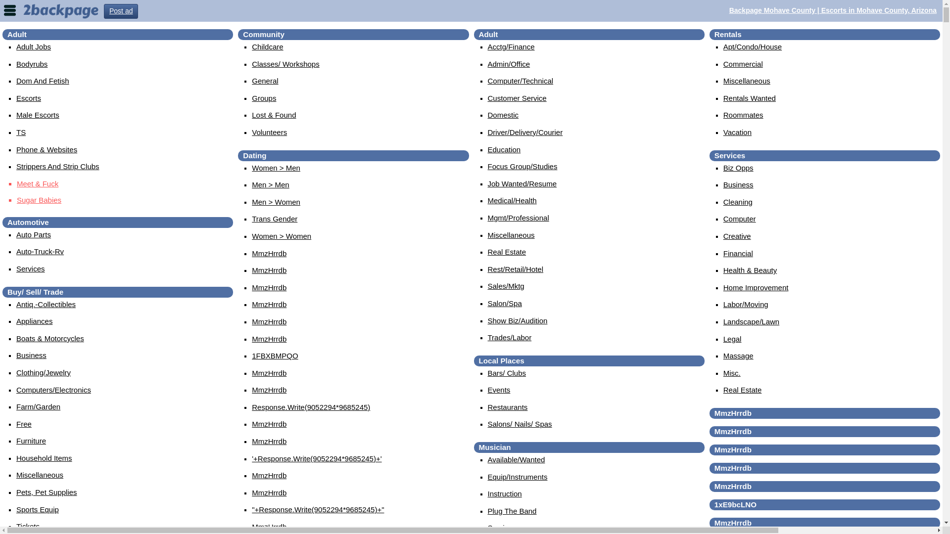 The width and height of the screenshot is (950, 534). What do you see at coordinates (120, 11) in the screenshot?
I see `'Post ad'` at bounding box center [120, 11].